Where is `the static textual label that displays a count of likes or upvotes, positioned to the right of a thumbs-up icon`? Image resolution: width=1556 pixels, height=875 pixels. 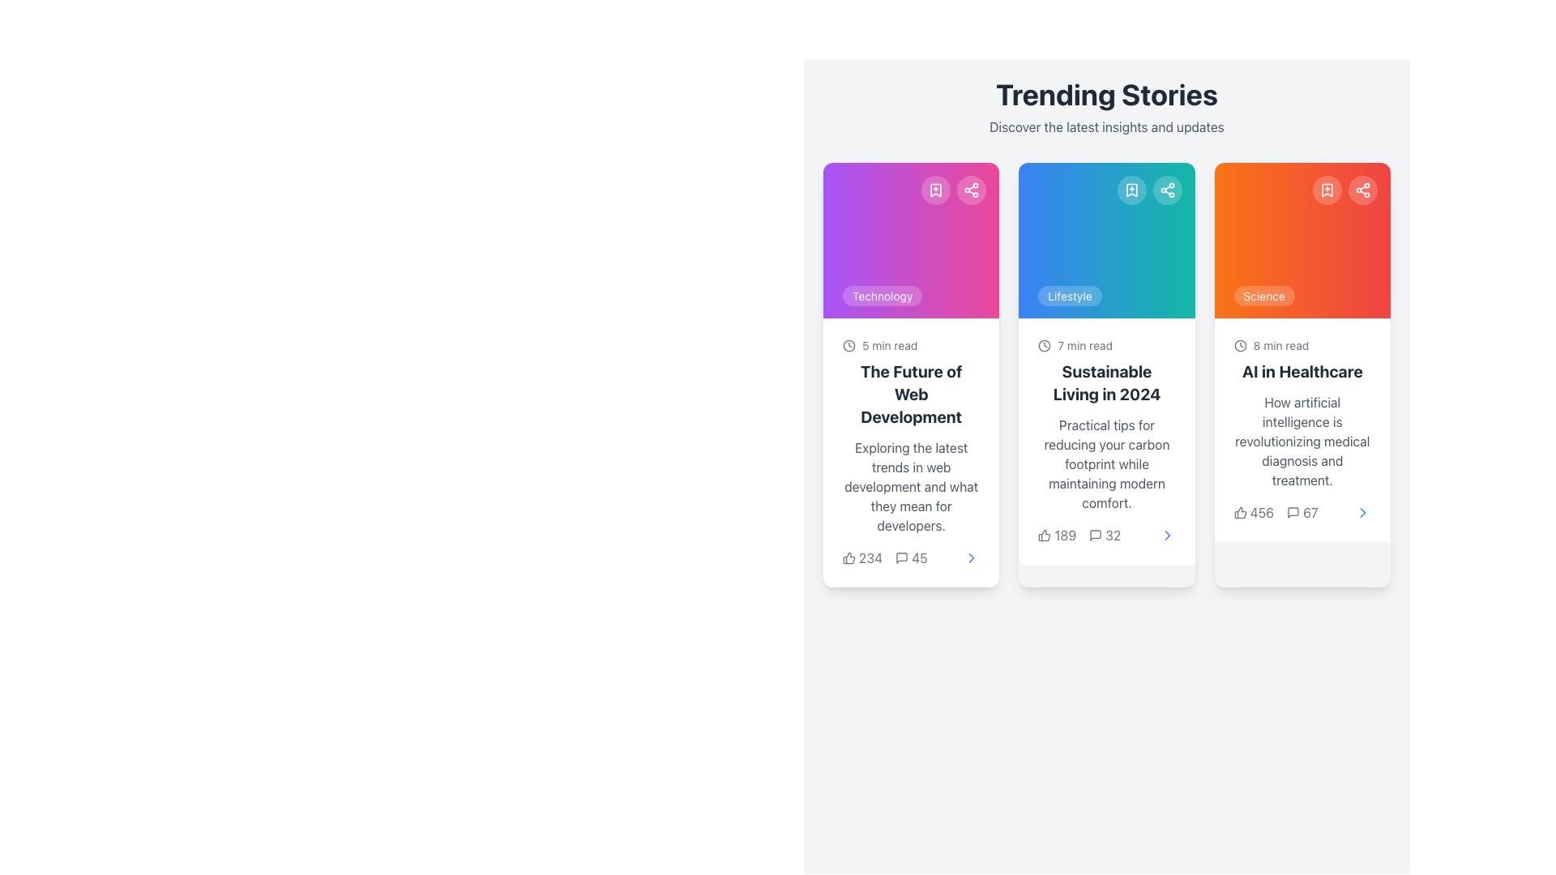 the static textual label that displays a count of likes or upvotes, positioned to the right of a thumbs-up icon is located at coordinates (870, 557).